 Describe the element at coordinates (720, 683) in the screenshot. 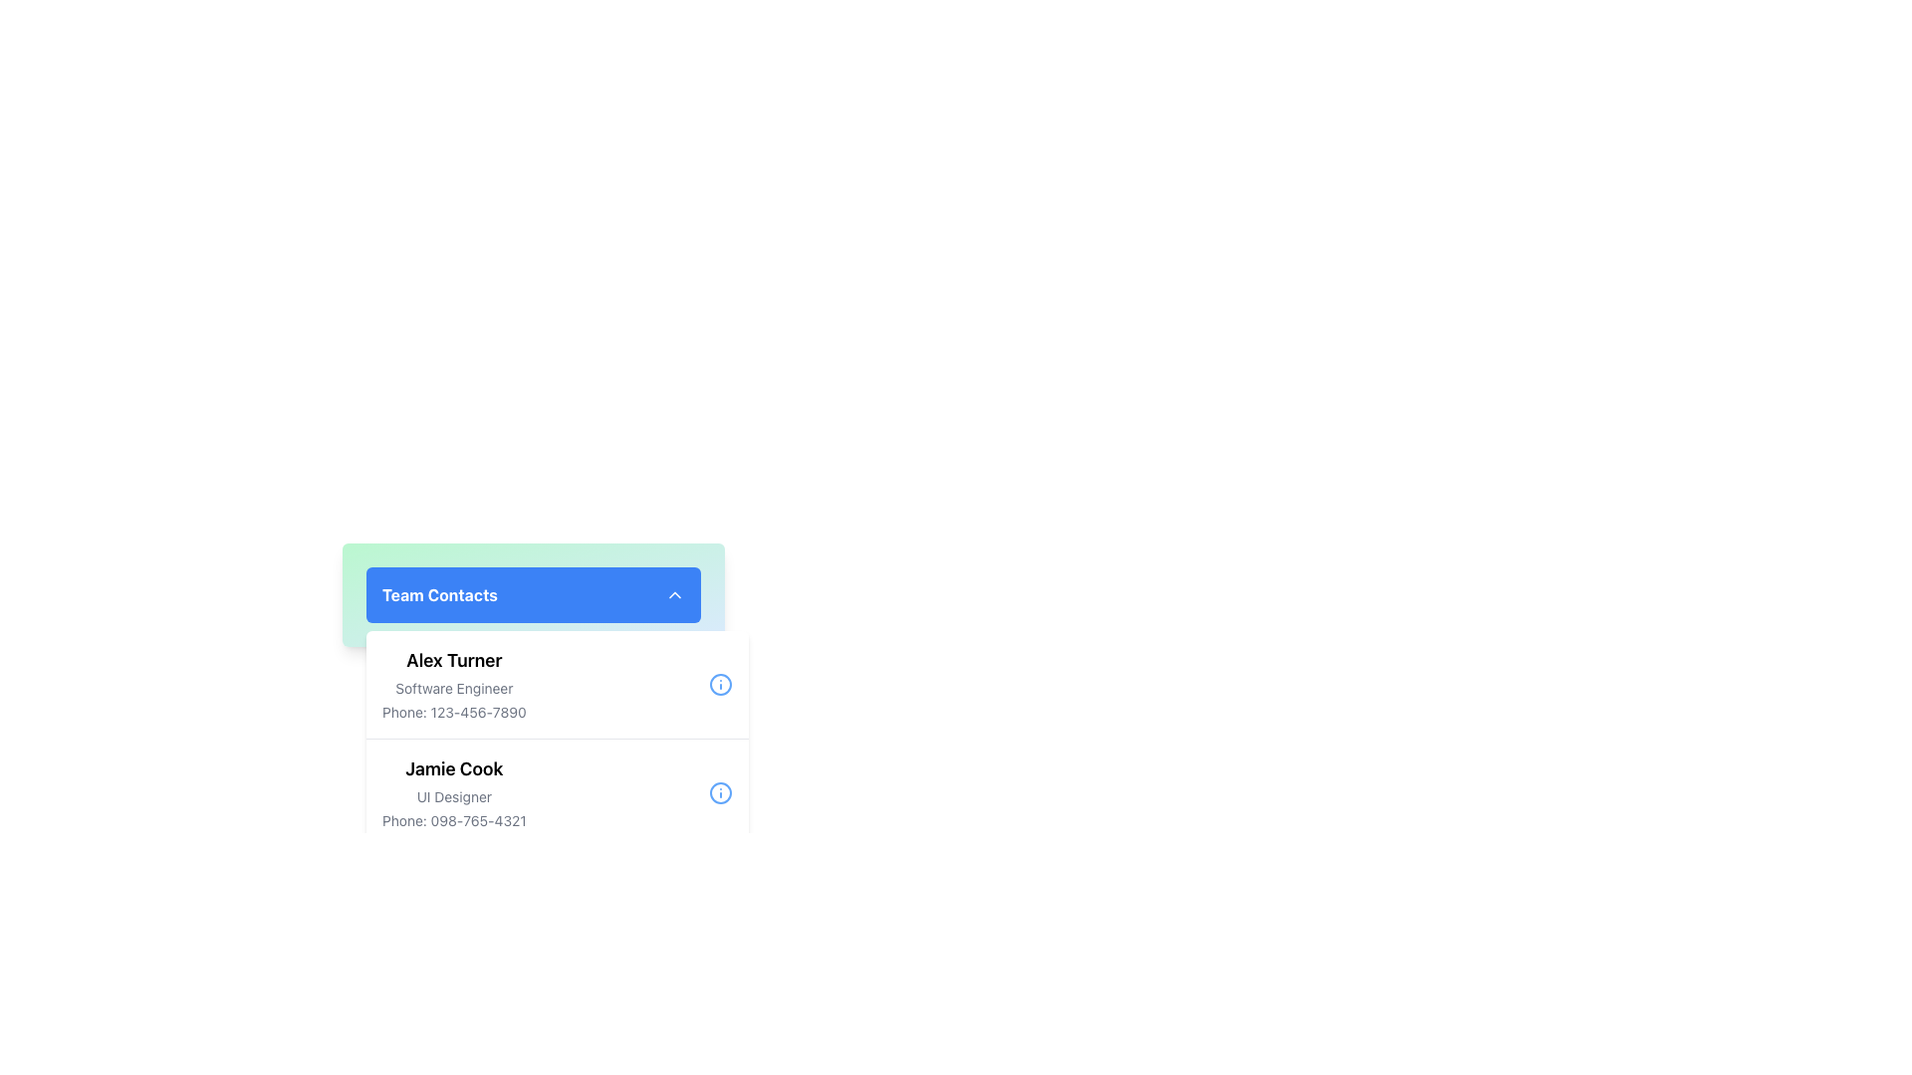

I see `on the information/help icon located in the top-right corner of the 'Alex Turner' contact card interface, aligned horizontally with the text 'Alex Turner'` at that location.